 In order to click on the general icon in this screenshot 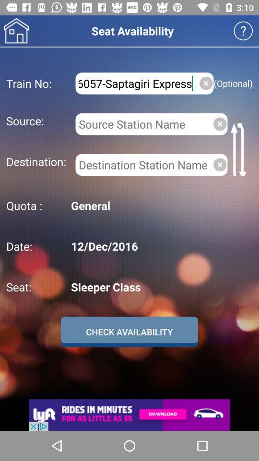, I will do `click(160, 206)`.